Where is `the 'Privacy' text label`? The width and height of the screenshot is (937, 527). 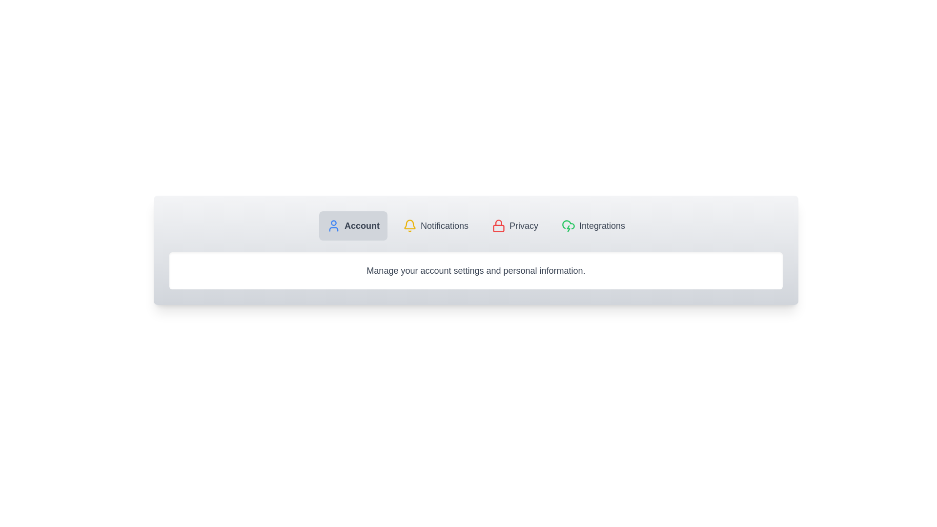 the 'Privacy' text label is located at coordinates (523, 225).